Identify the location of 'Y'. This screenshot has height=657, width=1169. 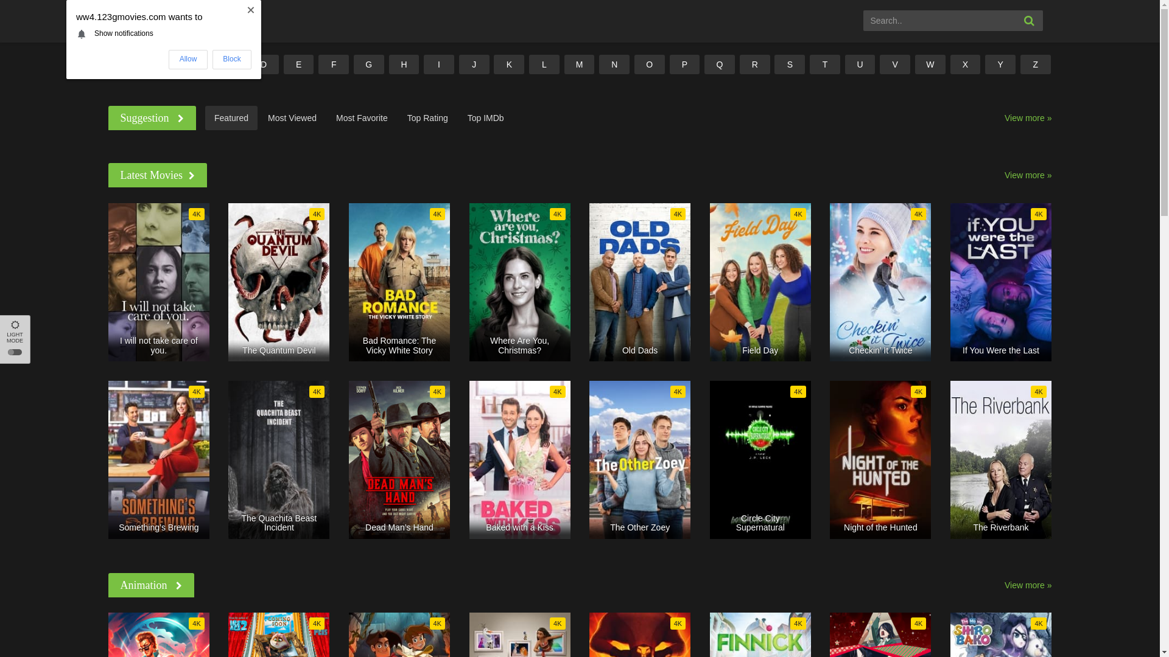
(1000, 64).